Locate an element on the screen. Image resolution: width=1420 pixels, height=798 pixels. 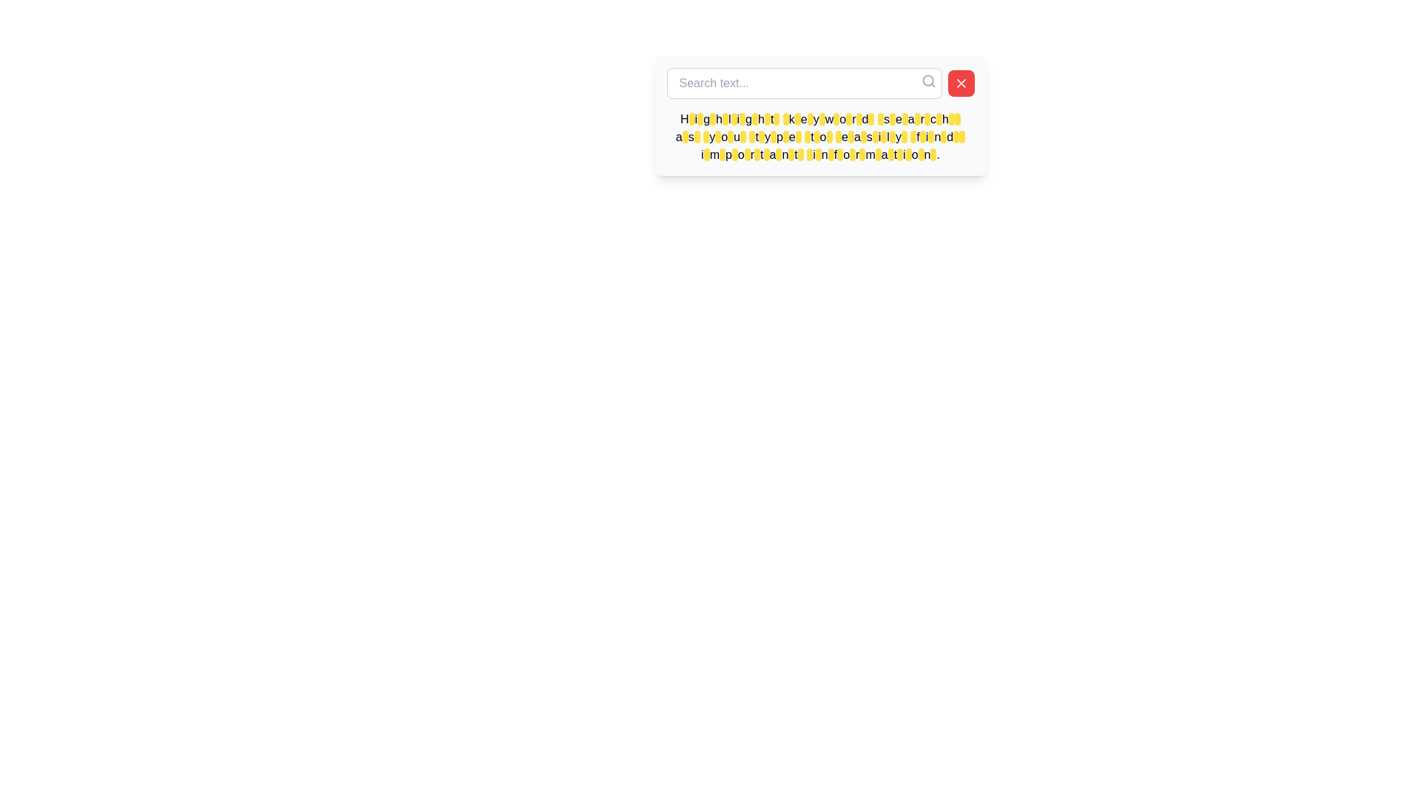
the decorative highlight segment with a yellow background and black border that highlights the letter 'p' in the word 'type', located in the second row of yellow-highlighted text segments is located at coordinates (772, 137).